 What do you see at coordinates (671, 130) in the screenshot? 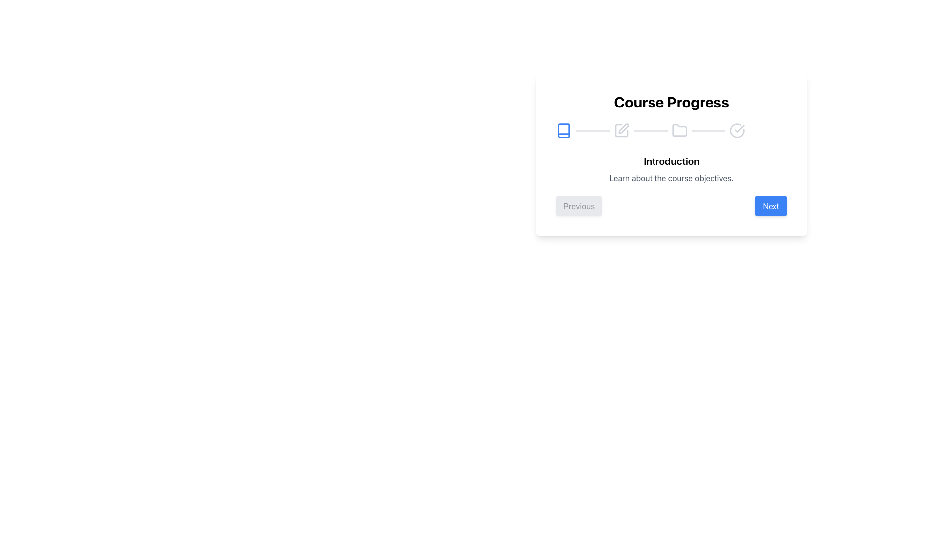
I see `the Progress bar with icons located within the 'Course Progress' card, which visually represents the steps in a progression` at bounding box center [671, 130].